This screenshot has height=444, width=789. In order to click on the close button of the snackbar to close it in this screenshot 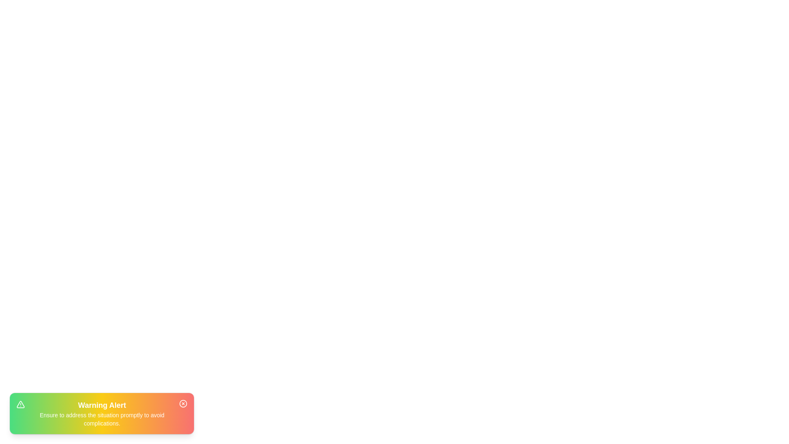, I will do `click(183, 403)`.